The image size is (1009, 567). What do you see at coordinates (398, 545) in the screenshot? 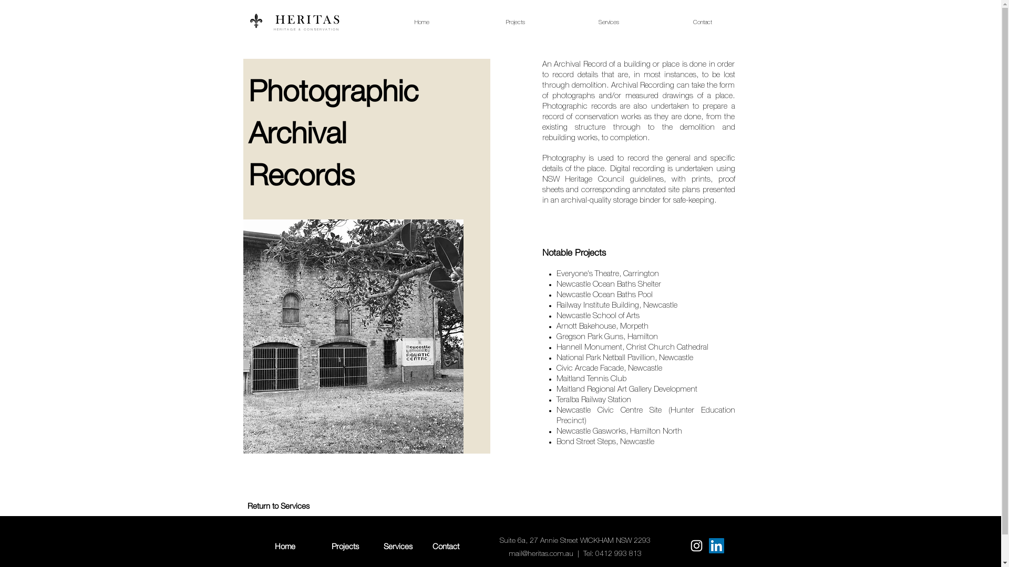
I see `'Services'` at bounding box center [398, 545].